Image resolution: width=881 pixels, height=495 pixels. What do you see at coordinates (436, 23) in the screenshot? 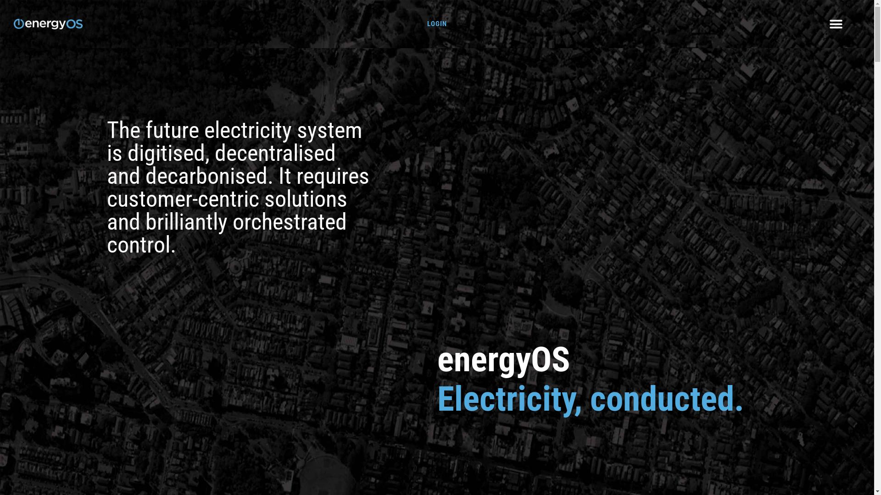
I see `'LOGIN'` at bounding box center [436, 23].